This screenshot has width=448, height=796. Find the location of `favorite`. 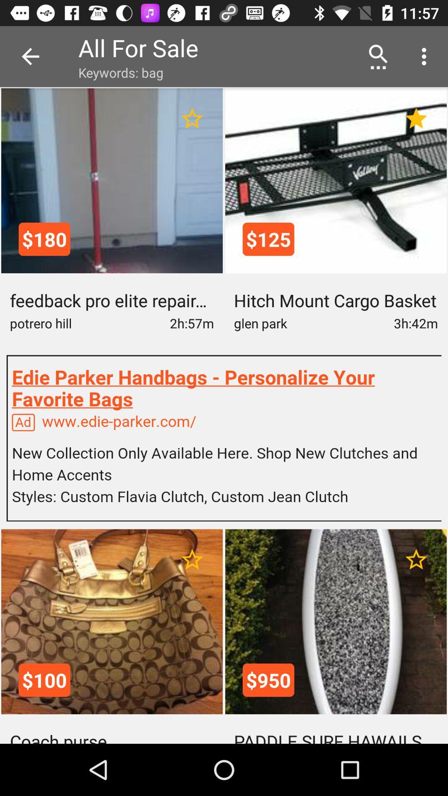

favorite is located at coordinates (416, 118).